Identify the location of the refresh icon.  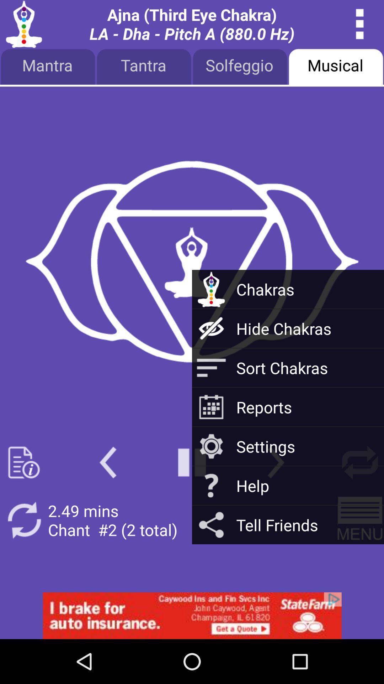
(23, 556).